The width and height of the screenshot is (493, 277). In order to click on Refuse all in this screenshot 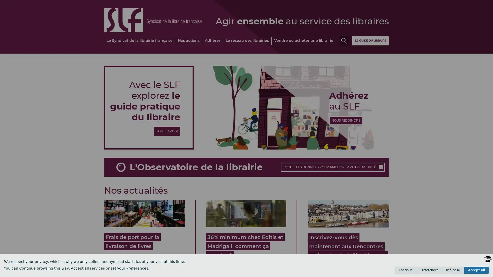, I will do `click(453, 270)`.